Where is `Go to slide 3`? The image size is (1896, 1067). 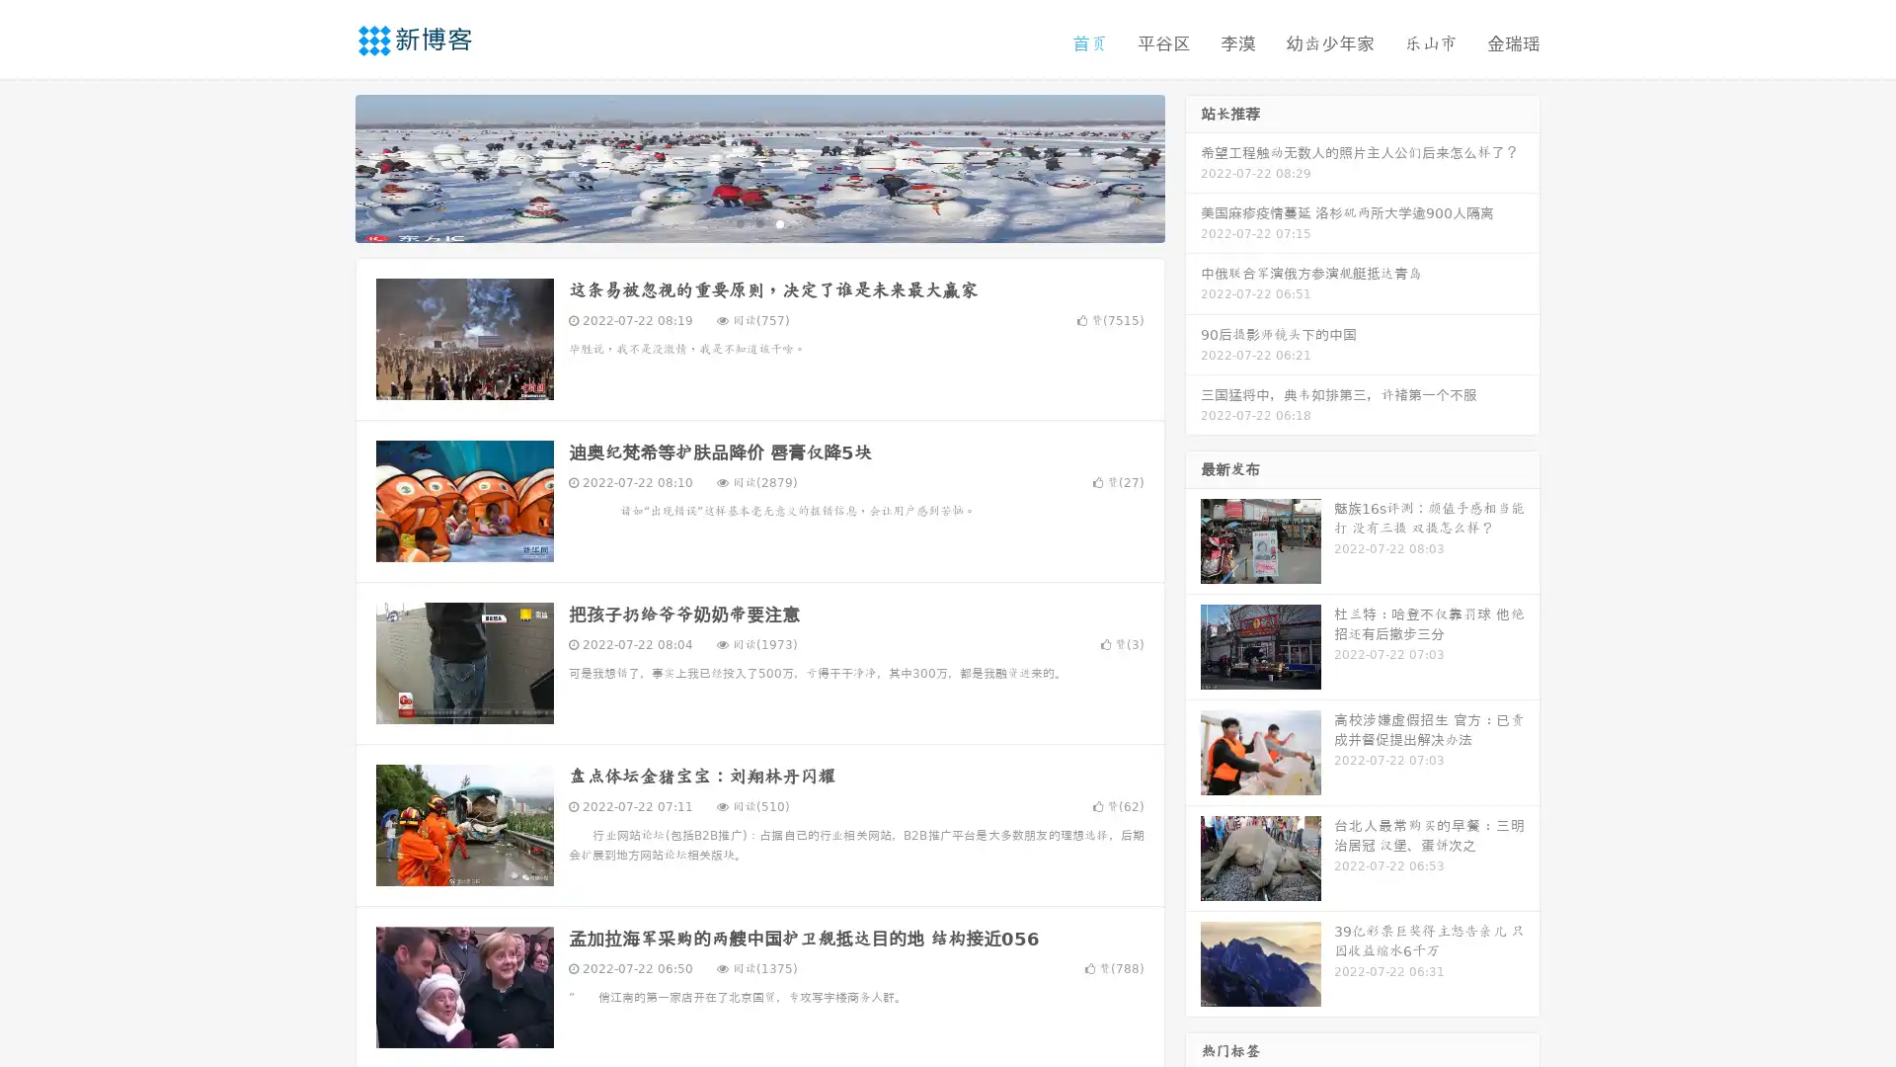
Go to slide 3 is located at coordinates (779, 222).